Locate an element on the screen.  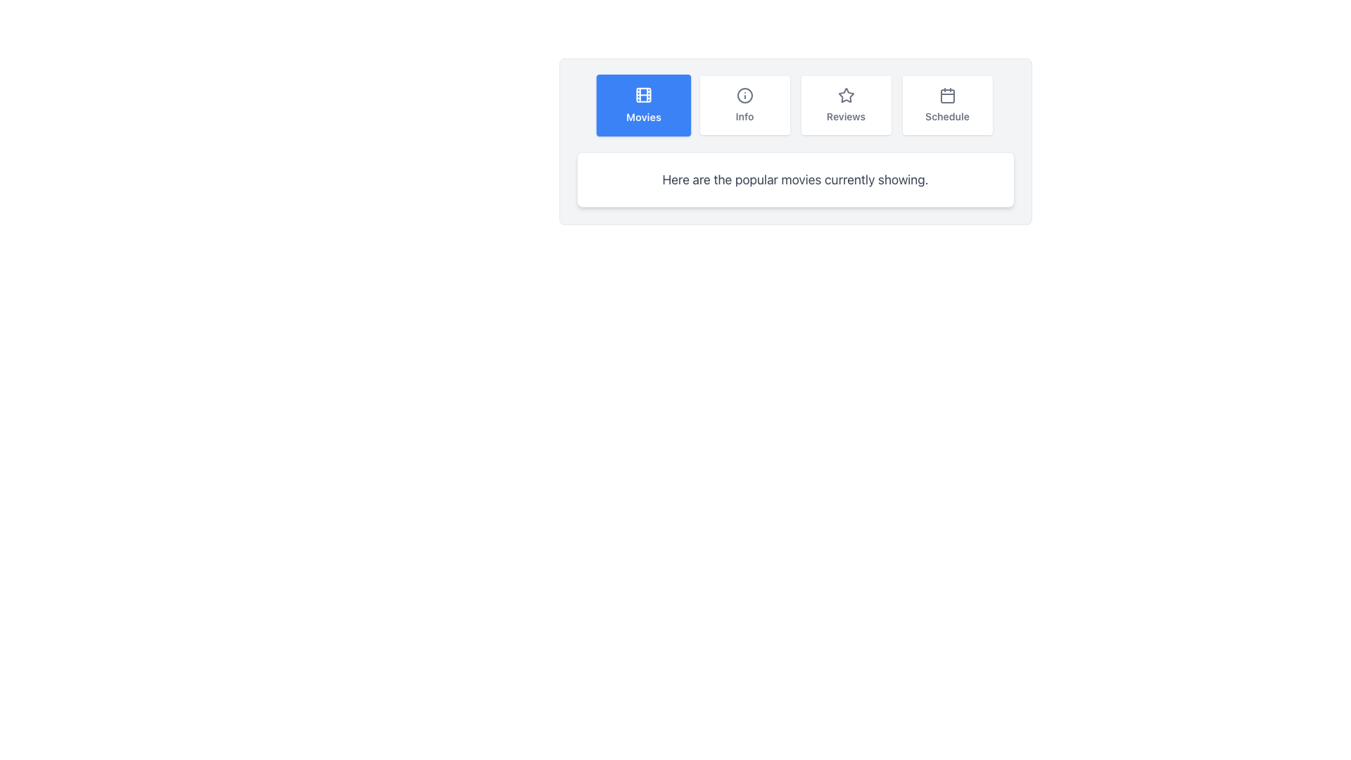
the 'Schedule' icon located in the rightmost panel, which is directly above the text label 'Schedule' is located at coordinates (947, 95).